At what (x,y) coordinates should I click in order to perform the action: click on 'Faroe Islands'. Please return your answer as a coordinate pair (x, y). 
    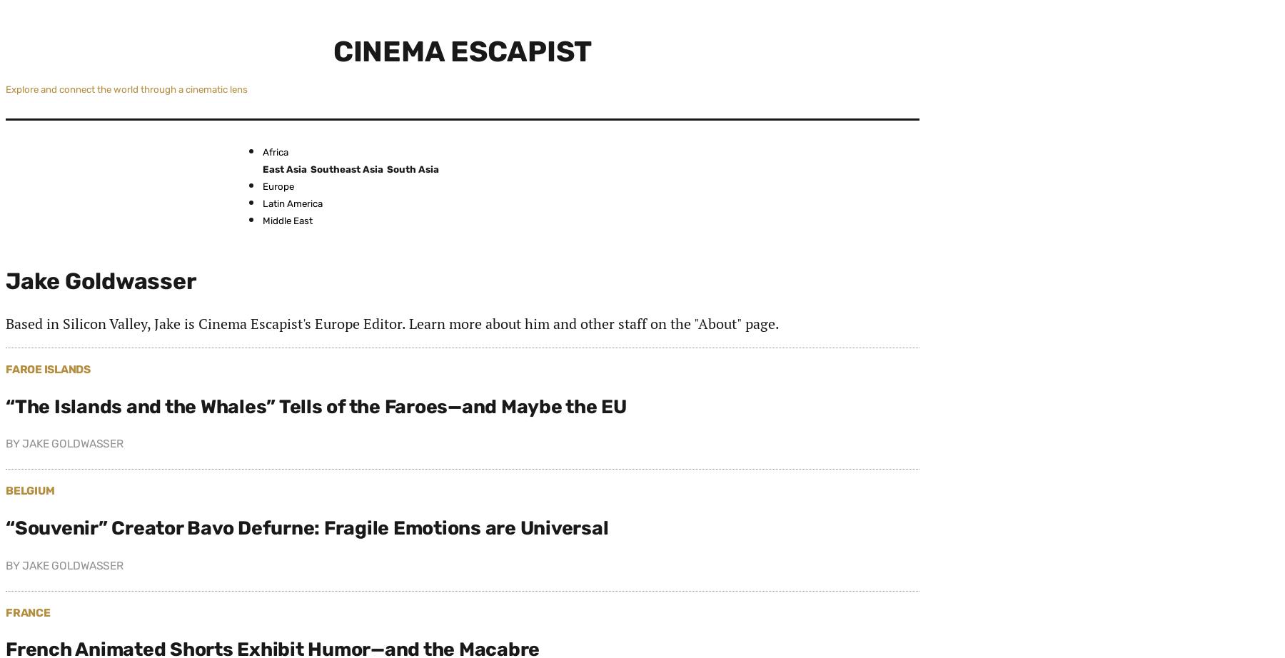
    Looking at the image, I should click on (4, 369).